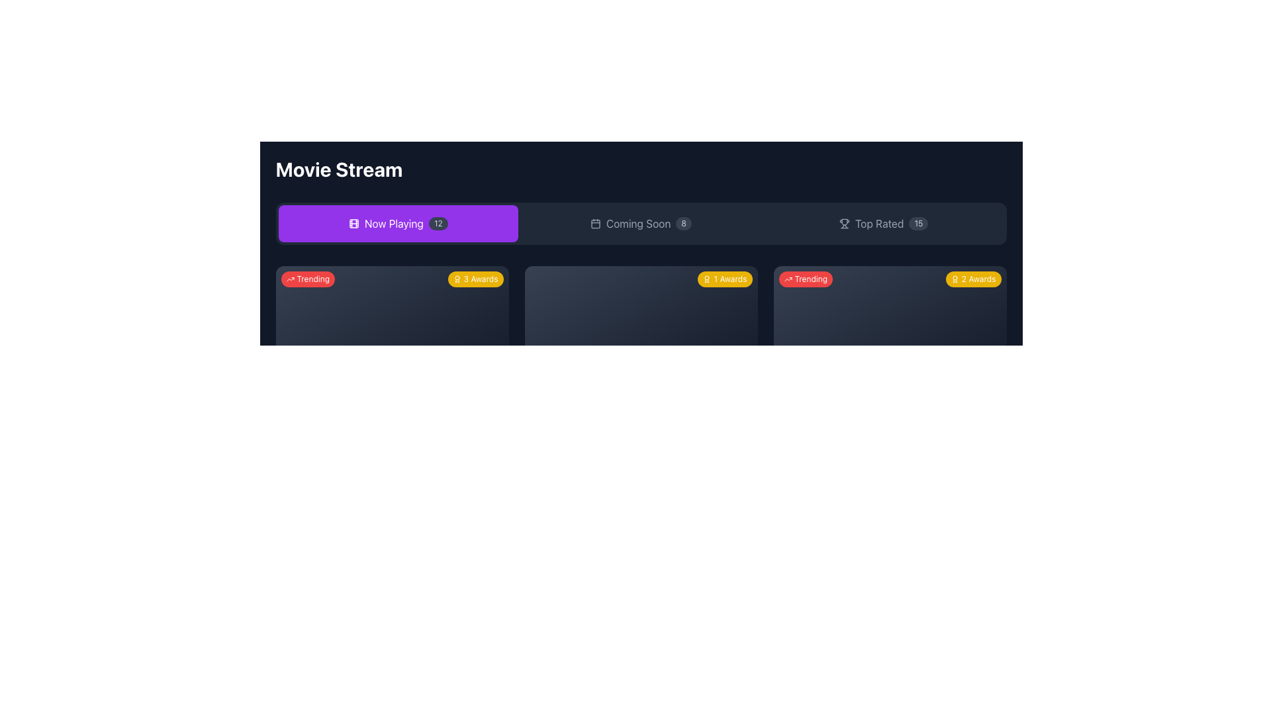 The height and width of the screenshot is (715, 1271). What do you see at coordinates (638, 223) in the screenshot?
I see `the 'Coming Soon' text label displayed in gray font, located in the middle of the navigation menu between a calendar icon and the number '8'` at bounding box center [638, 223].